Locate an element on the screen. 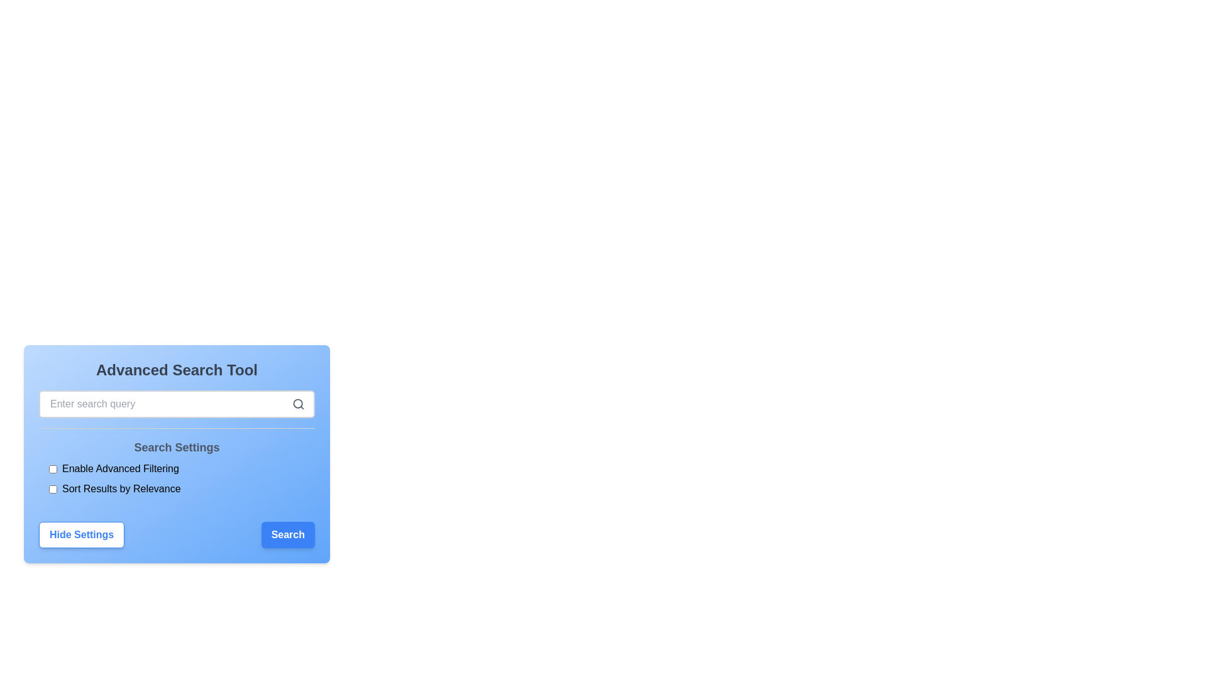  the checkbox is located at coordinates (52, 468).